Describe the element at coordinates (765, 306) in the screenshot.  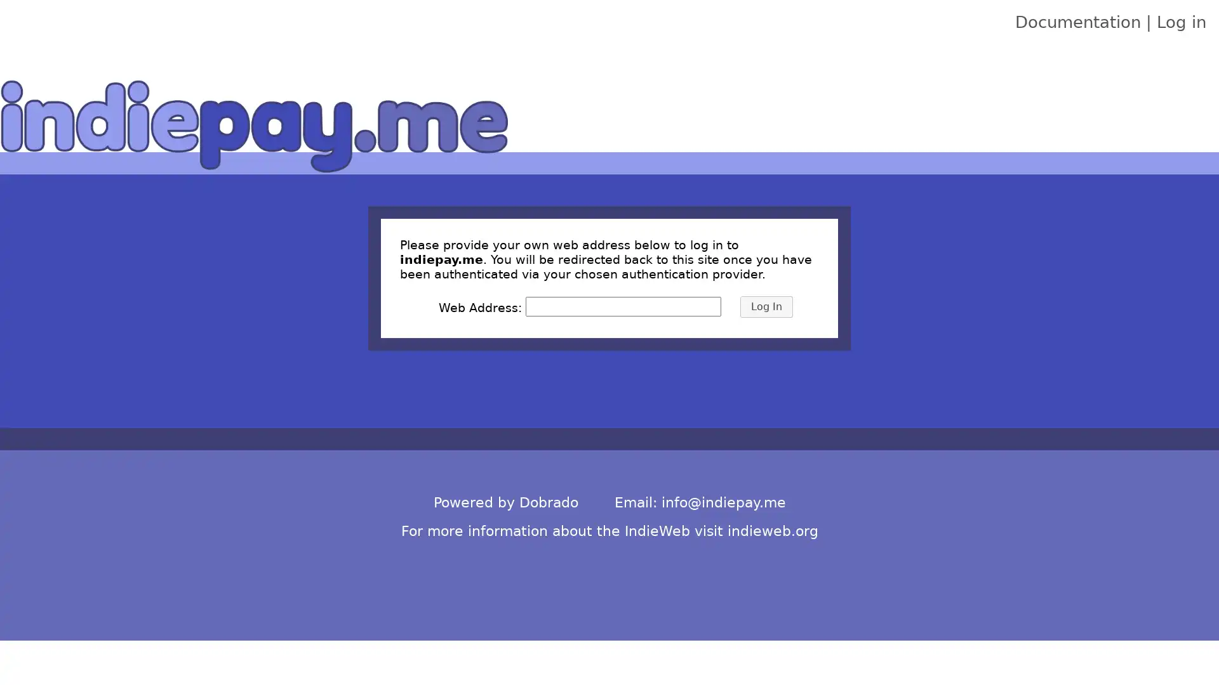
I see `Log In` at that location.